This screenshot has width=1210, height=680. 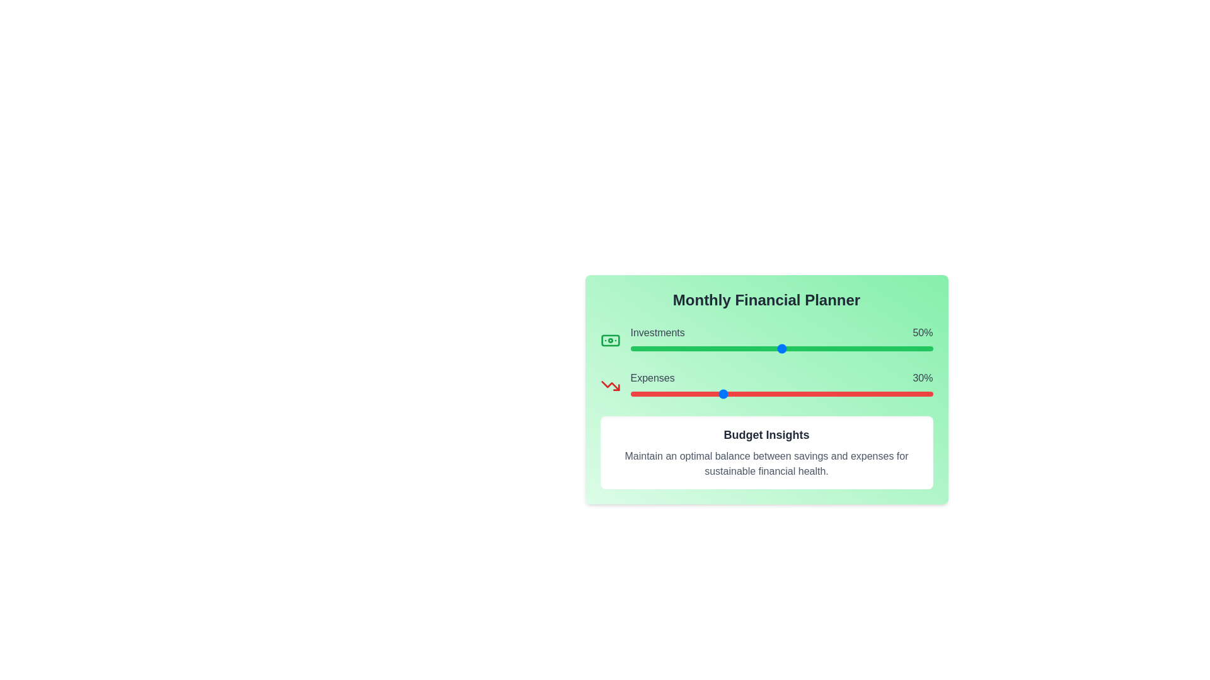 I want to click on the 'Investments' slider to set its value to 56%, so click(x=799, y=349).